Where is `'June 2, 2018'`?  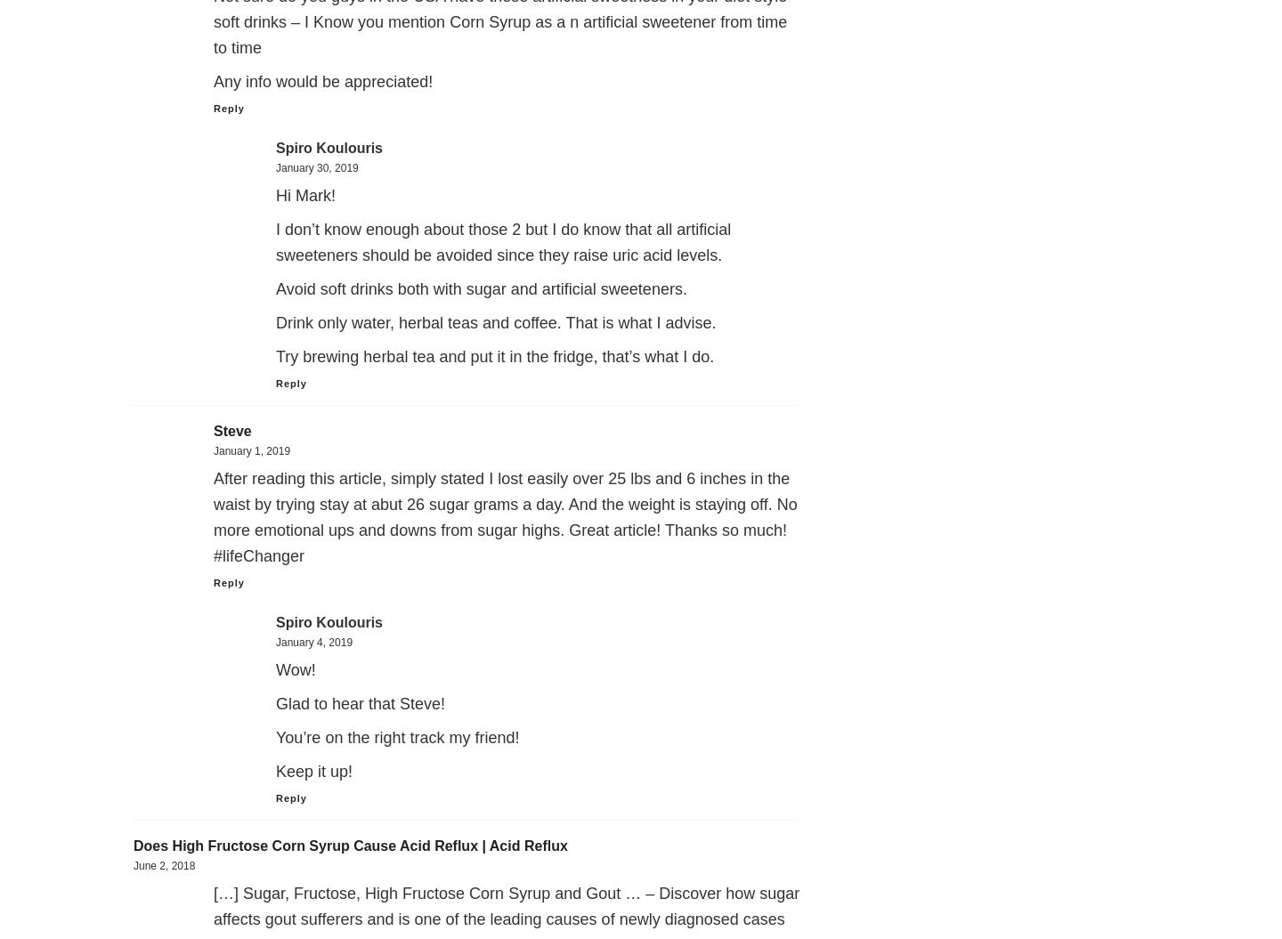
'June 2, 2018' is located at coordinates (164, 866).